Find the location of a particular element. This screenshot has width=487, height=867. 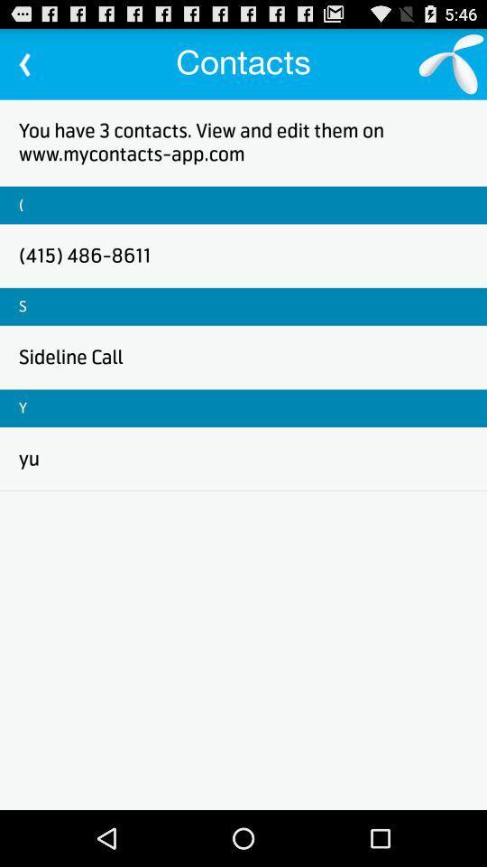

icon below y is located at coordinates (28, 458).